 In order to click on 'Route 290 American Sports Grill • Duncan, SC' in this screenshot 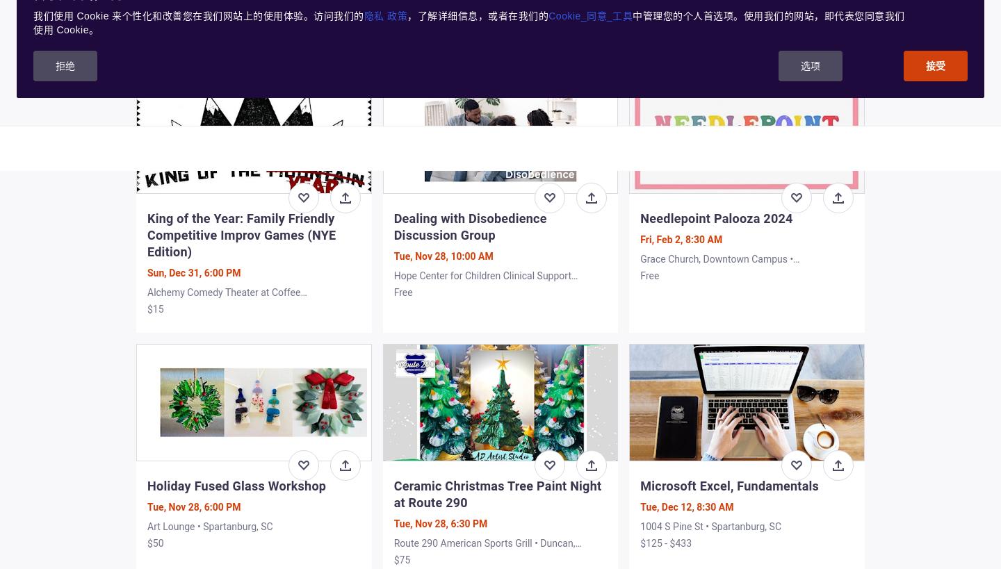, I will do `click(484, 549)`.